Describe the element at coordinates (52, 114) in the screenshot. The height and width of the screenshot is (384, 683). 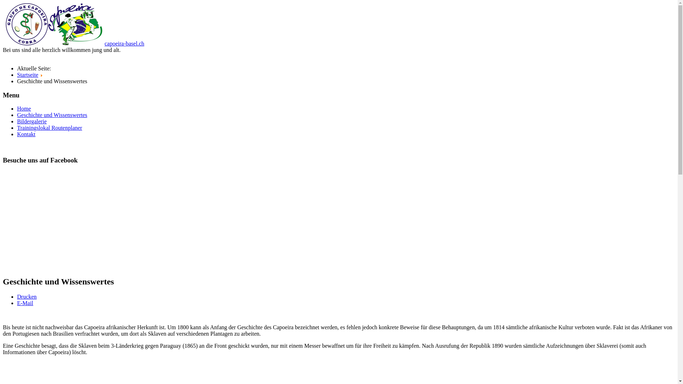
I see `'Geschichte und Wissenswertes'` at that location.